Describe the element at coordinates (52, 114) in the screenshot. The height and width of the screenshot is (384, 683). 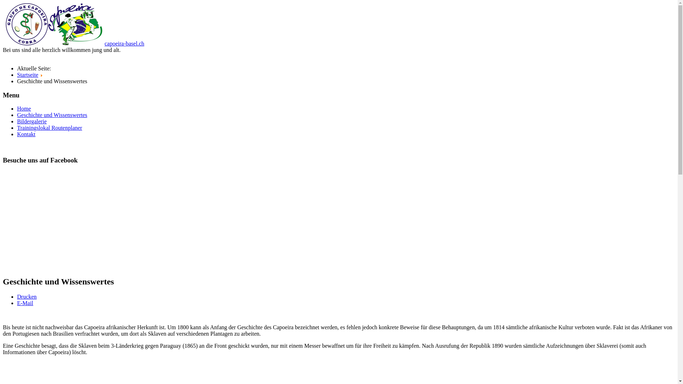
I see `'Geschichte und Wissenswertes'` at that location.